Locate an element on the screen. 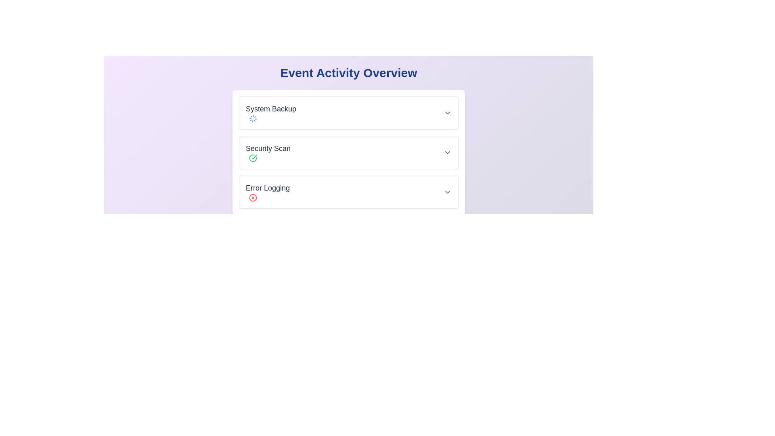 The height and width of the screenshot is (436, 775). the 'System Backup' activity status element, which is the first item in the 'Event Activity Overview' list is located at coordinates (349, 113).